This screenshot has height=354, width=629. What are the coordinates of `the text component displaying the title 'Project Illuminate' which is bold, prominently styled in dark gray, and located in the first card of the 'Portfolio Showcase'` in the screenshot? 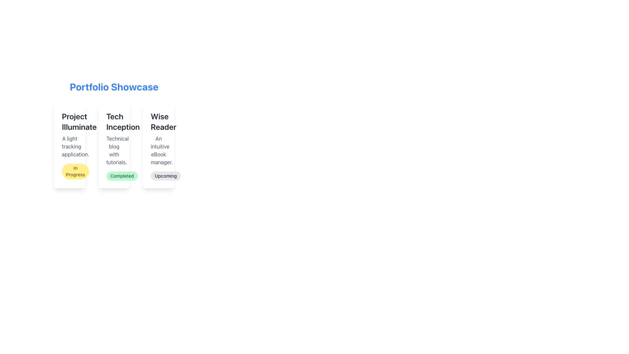 It's located at (69, 121).